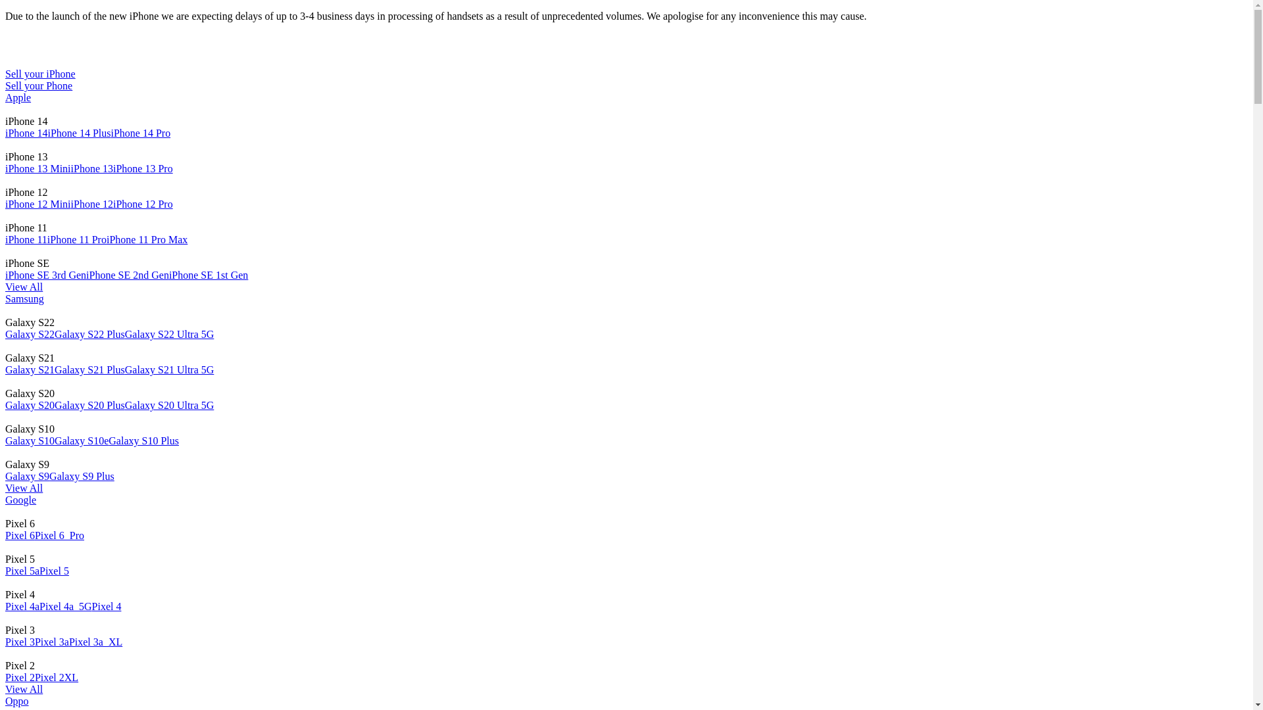 This screenshot has height=710, width=1263. What do you see at coordinates (26, 239) in the screenshot?
I see `'iPhone 11'` at bounding box center [26, 239].